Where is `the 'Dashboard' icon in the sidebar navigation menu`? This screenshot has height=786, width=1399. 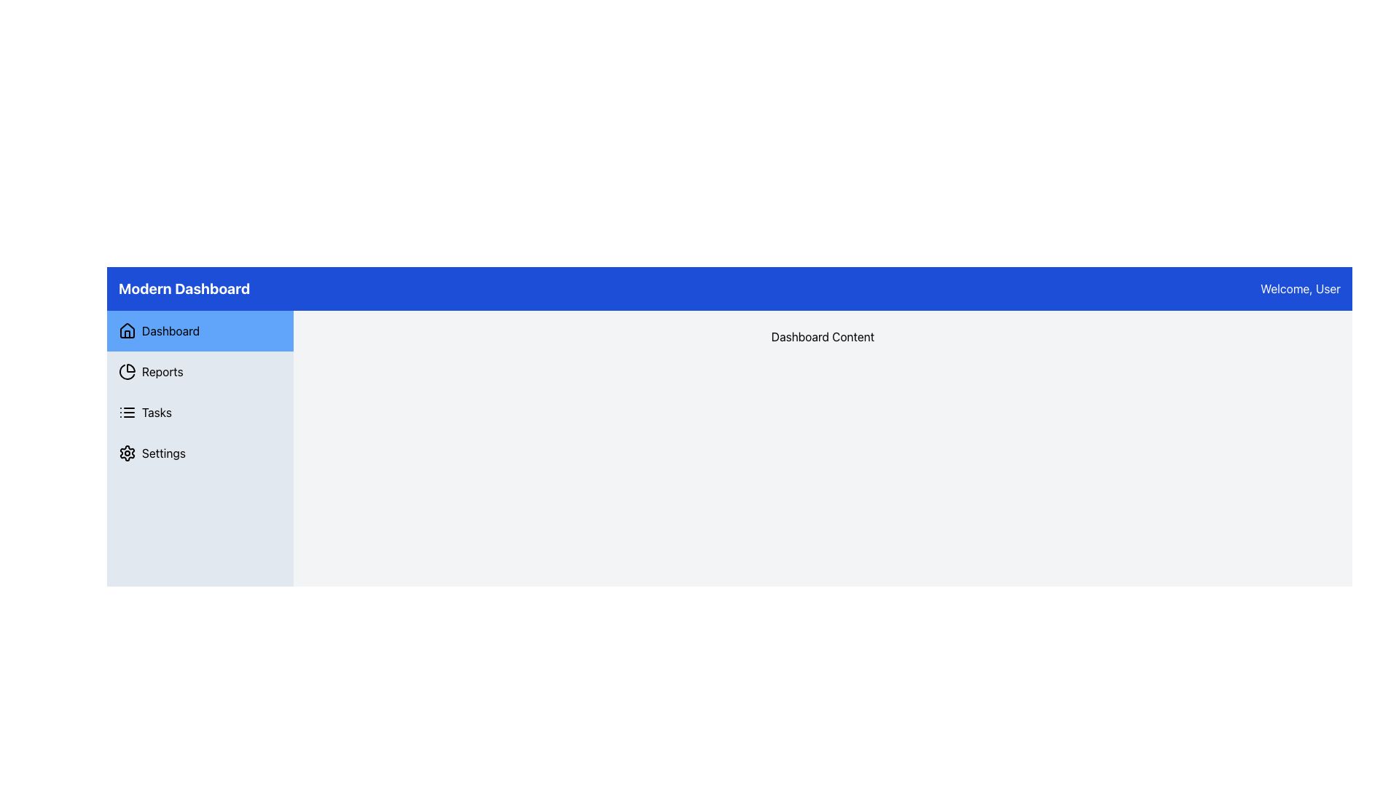 the 'Dashboard' icon in the sidebar navigation menu is located at coordinates (127, 331).